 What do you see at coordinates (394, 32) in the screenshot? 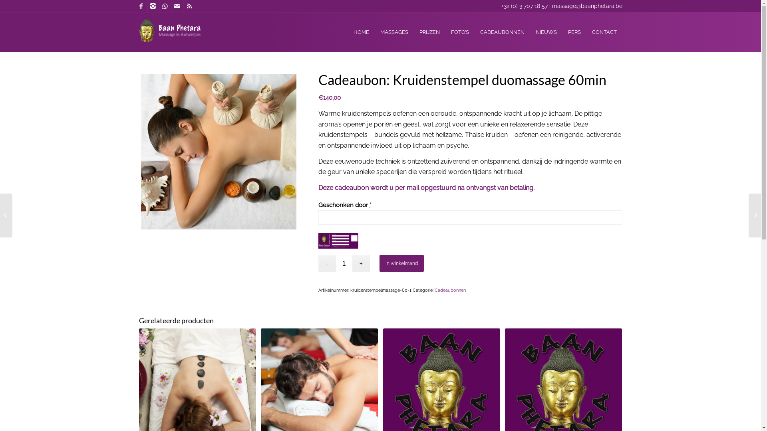
I see `'MASSAGES'` at bounding box center [394, 32].